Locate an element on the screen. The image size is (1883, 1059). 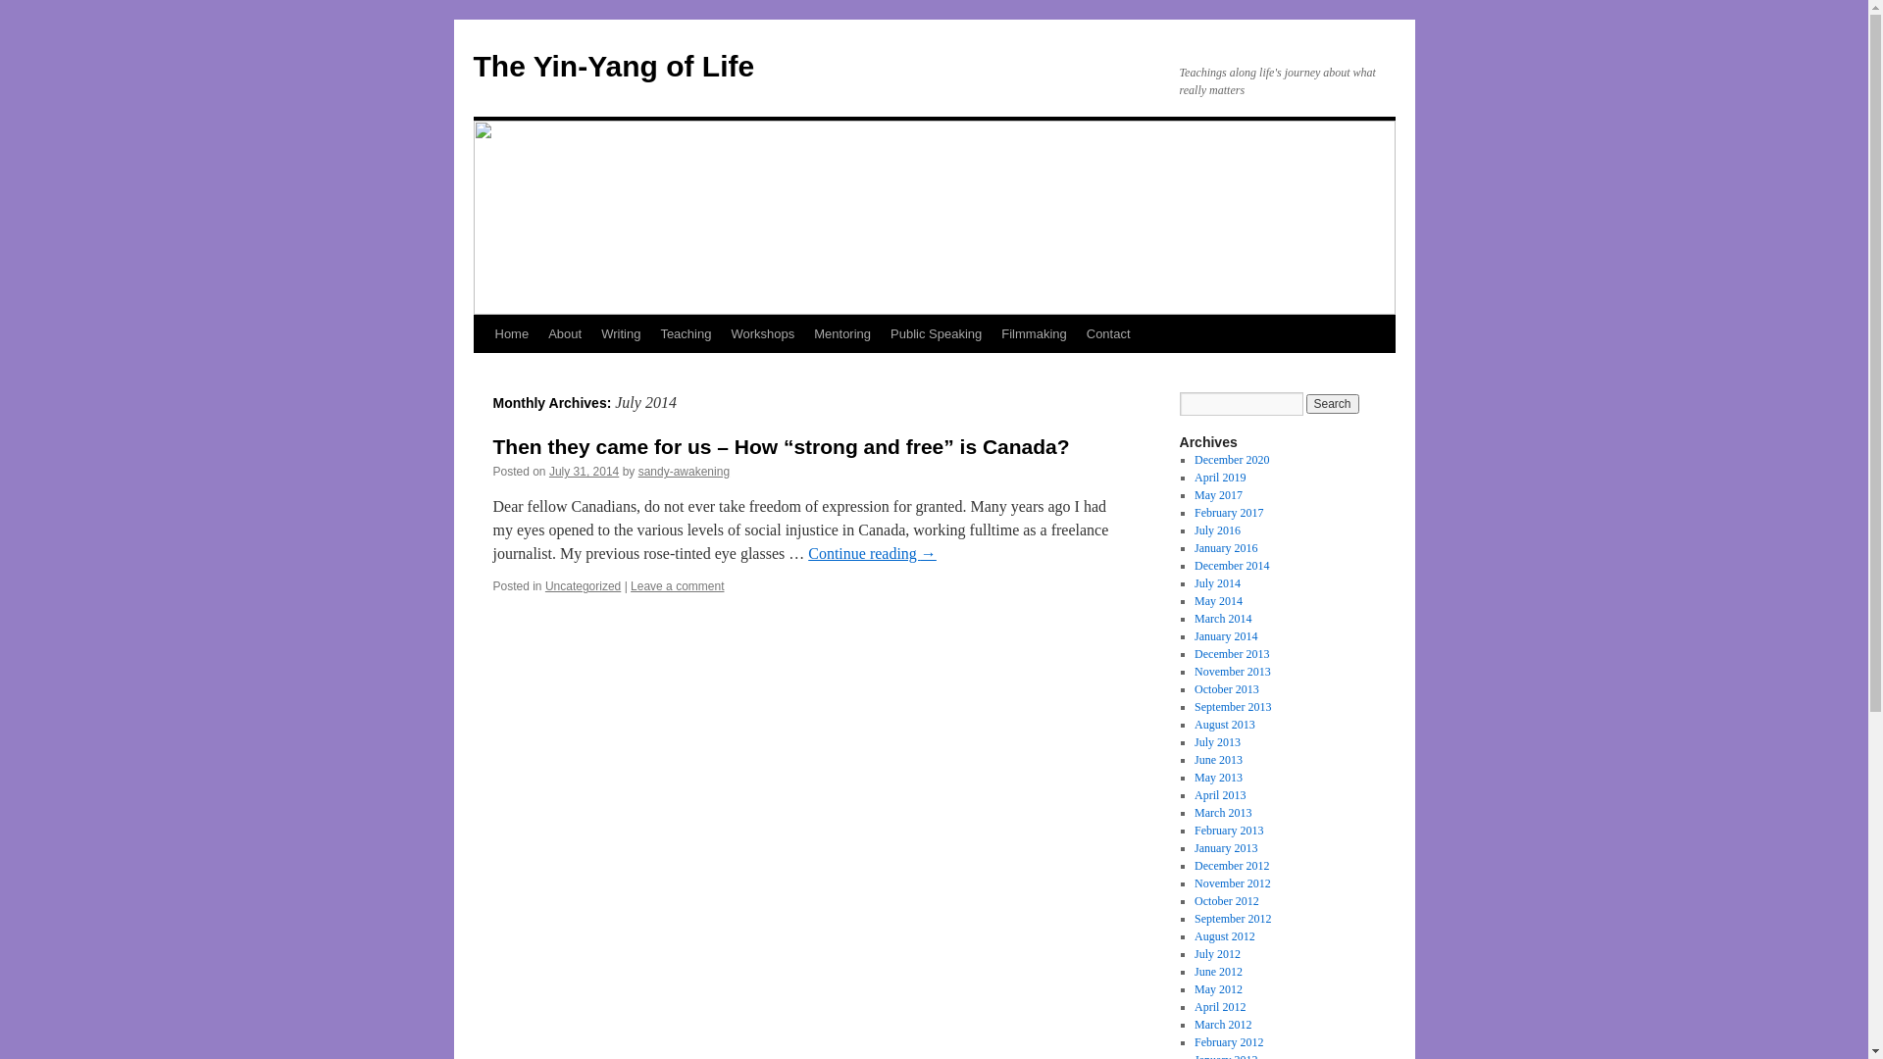
'August 2013' is located at coordinates (1223, 725).